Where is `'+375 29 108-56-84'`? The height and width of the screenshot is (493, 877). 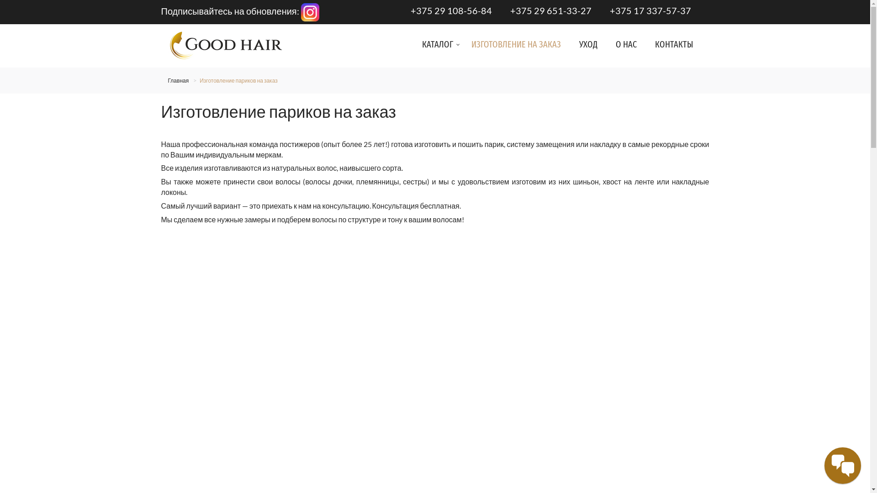
'+375 29 108-56-84' is located at coordinates (451, 10).